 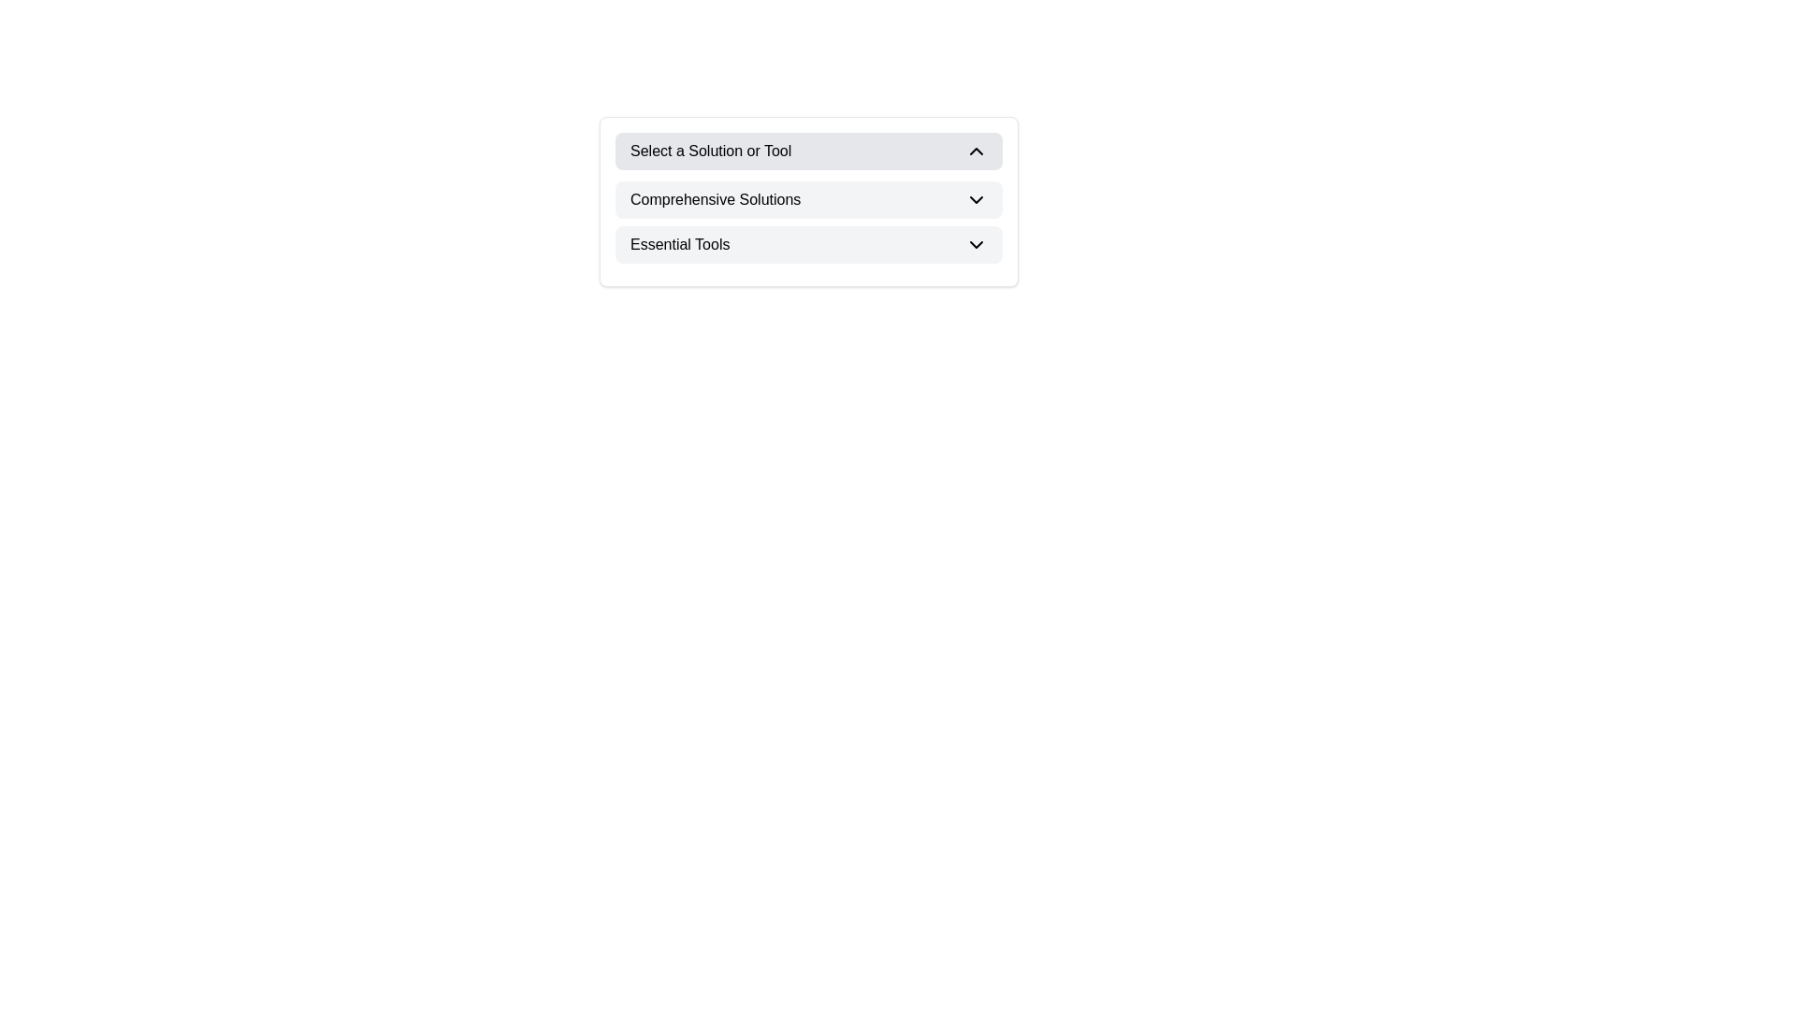 What do you see at coordinates (808, 202) in the screenshot?
I see `the title 'Comprehensive Solutions' in the second section of the composite dropdown component` at bounding box center [808, 202].